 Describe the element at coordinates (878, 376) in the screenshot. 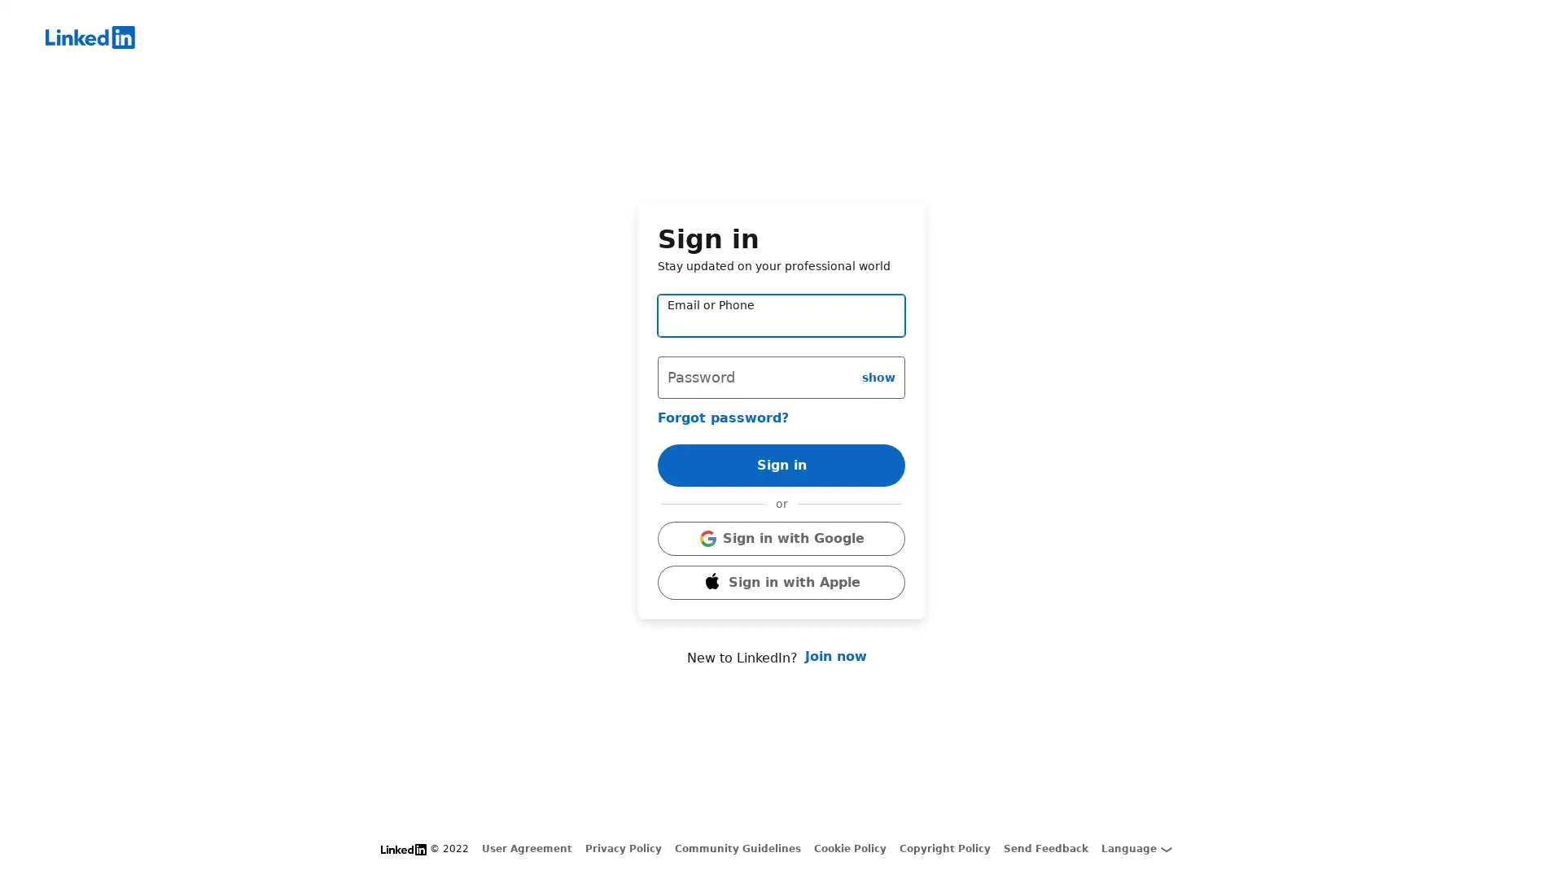

I see `show` at that location.